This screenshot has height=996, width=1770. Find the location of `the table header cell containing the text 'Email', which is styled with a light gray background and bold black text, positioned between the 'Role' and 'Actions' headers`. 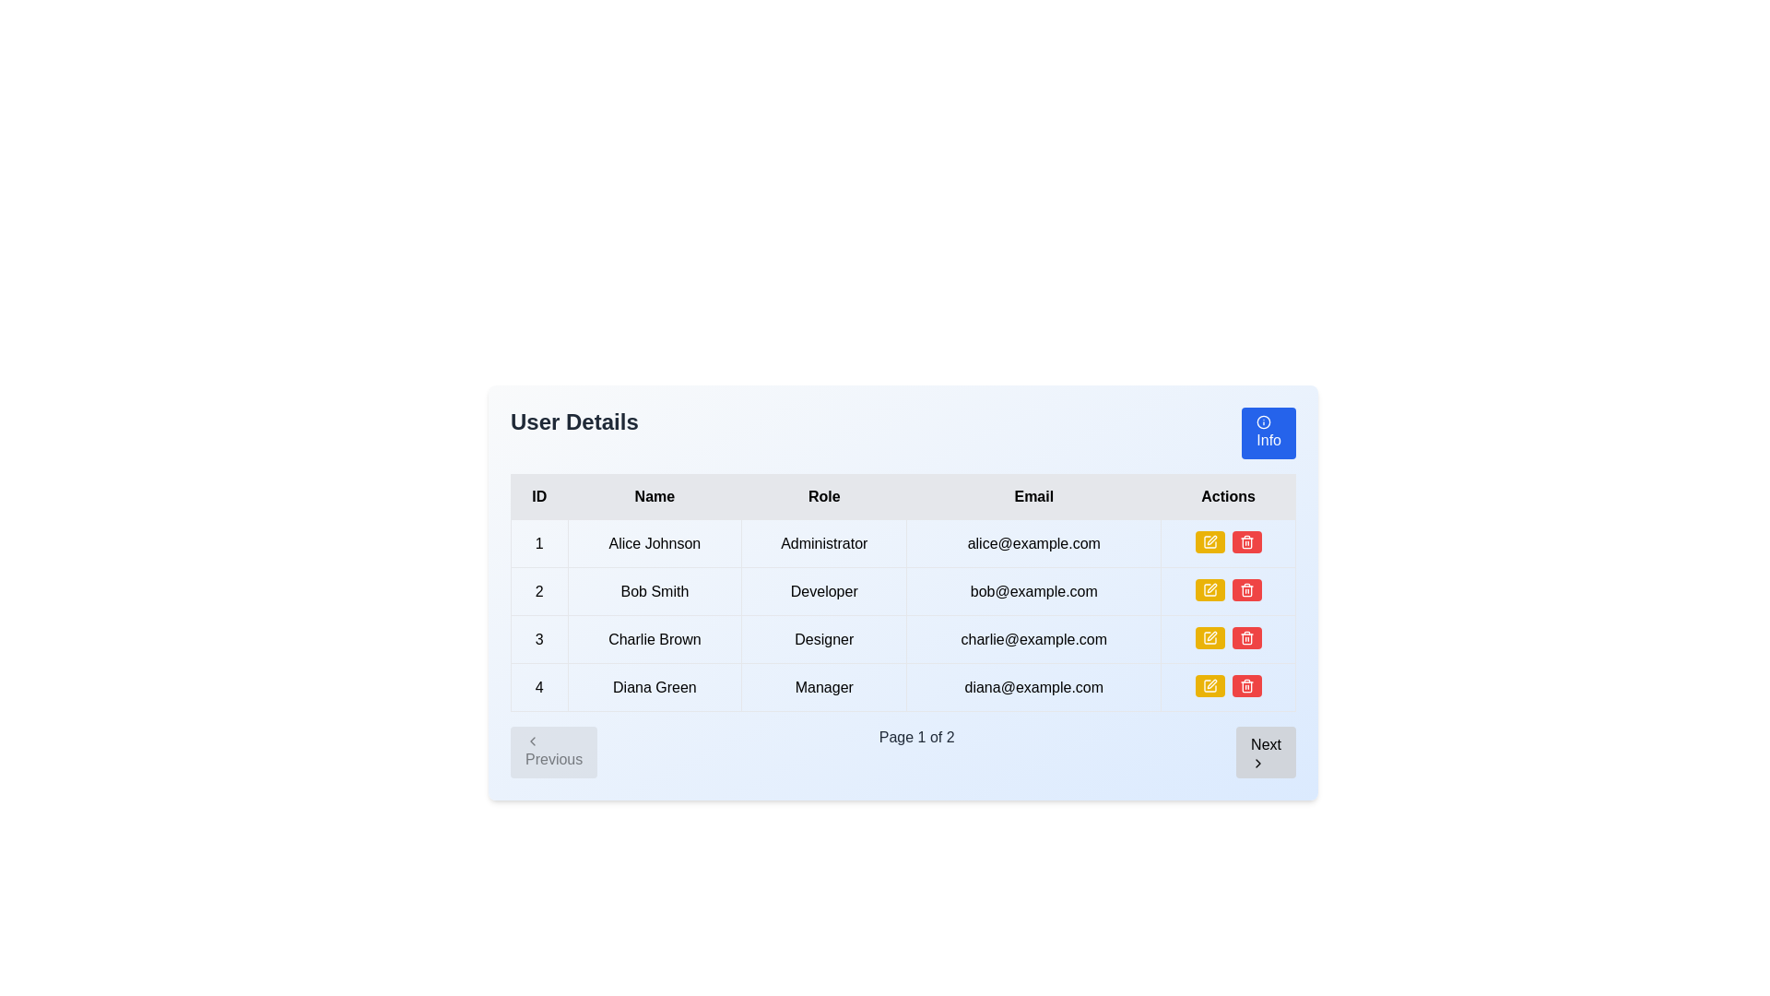

the table header cell containing the text 'Email', which is styled with a light gray background and bold black text, positioned between the 'Role' and 'Actions' headers is located at coordinates (1033, 496).